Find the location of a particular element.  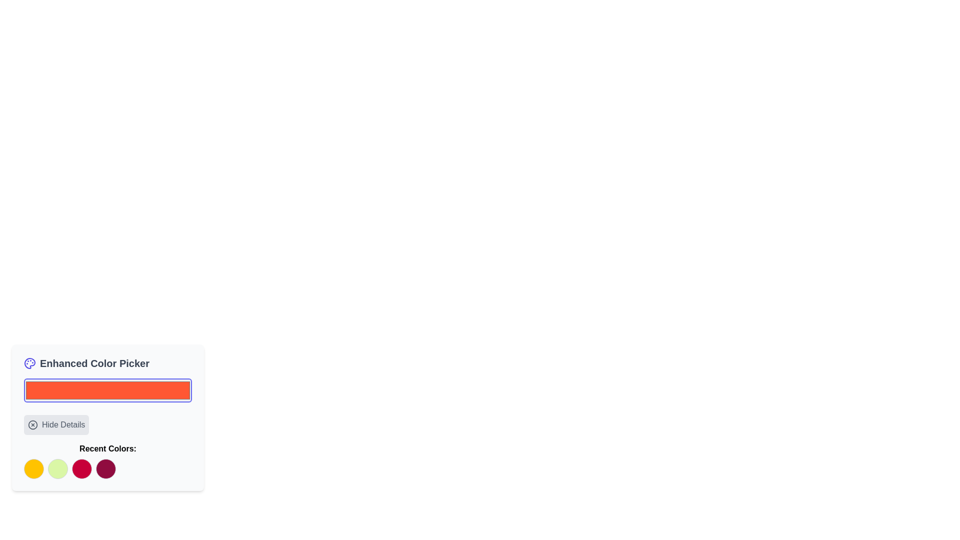

the fourth circular color swatch located under the 'Recent Colors:' section is located at coordinates (108, 468).